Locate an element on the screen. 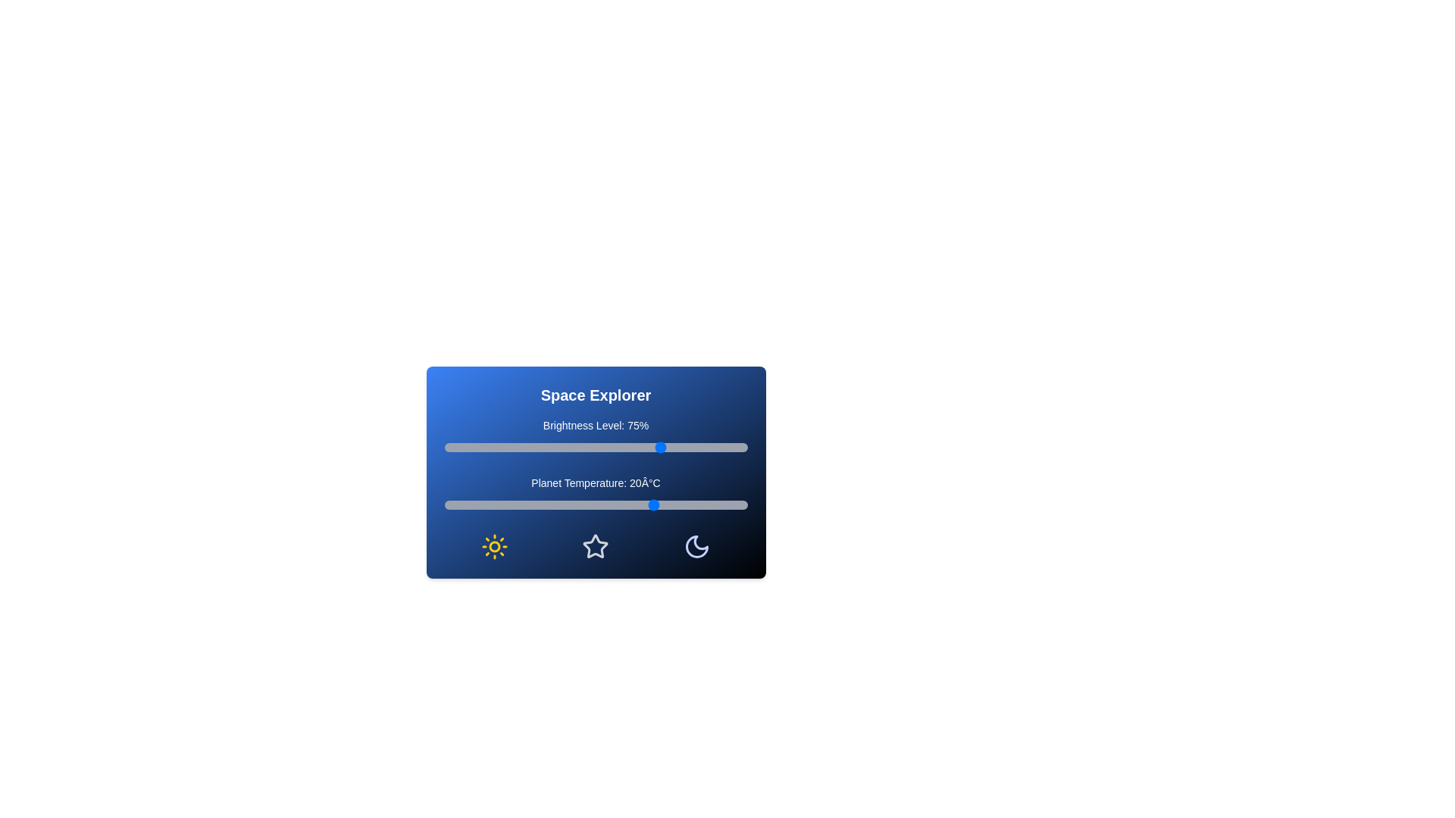  the Star icon to interact with it is located at coordinates (595, 546).